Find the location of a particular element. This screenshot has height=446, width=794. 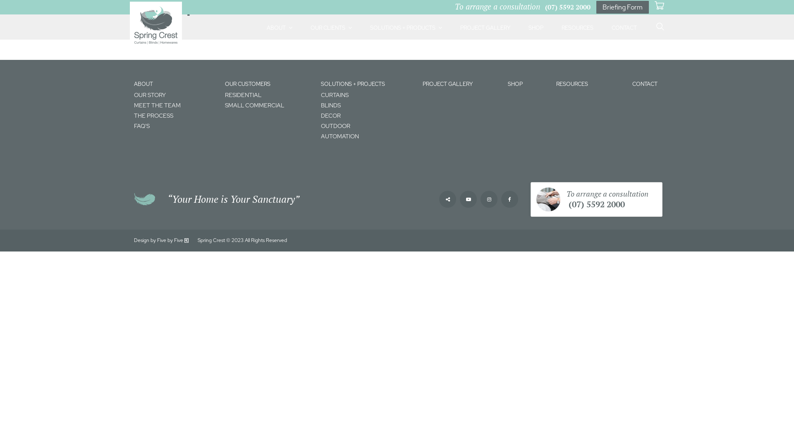

'THE PROCESS' is located at coordinates (175, 116).